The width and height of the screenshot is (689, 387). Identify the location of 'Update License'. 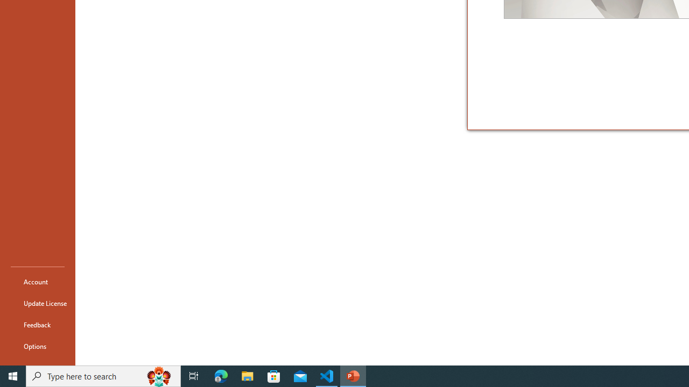
(37, 303).